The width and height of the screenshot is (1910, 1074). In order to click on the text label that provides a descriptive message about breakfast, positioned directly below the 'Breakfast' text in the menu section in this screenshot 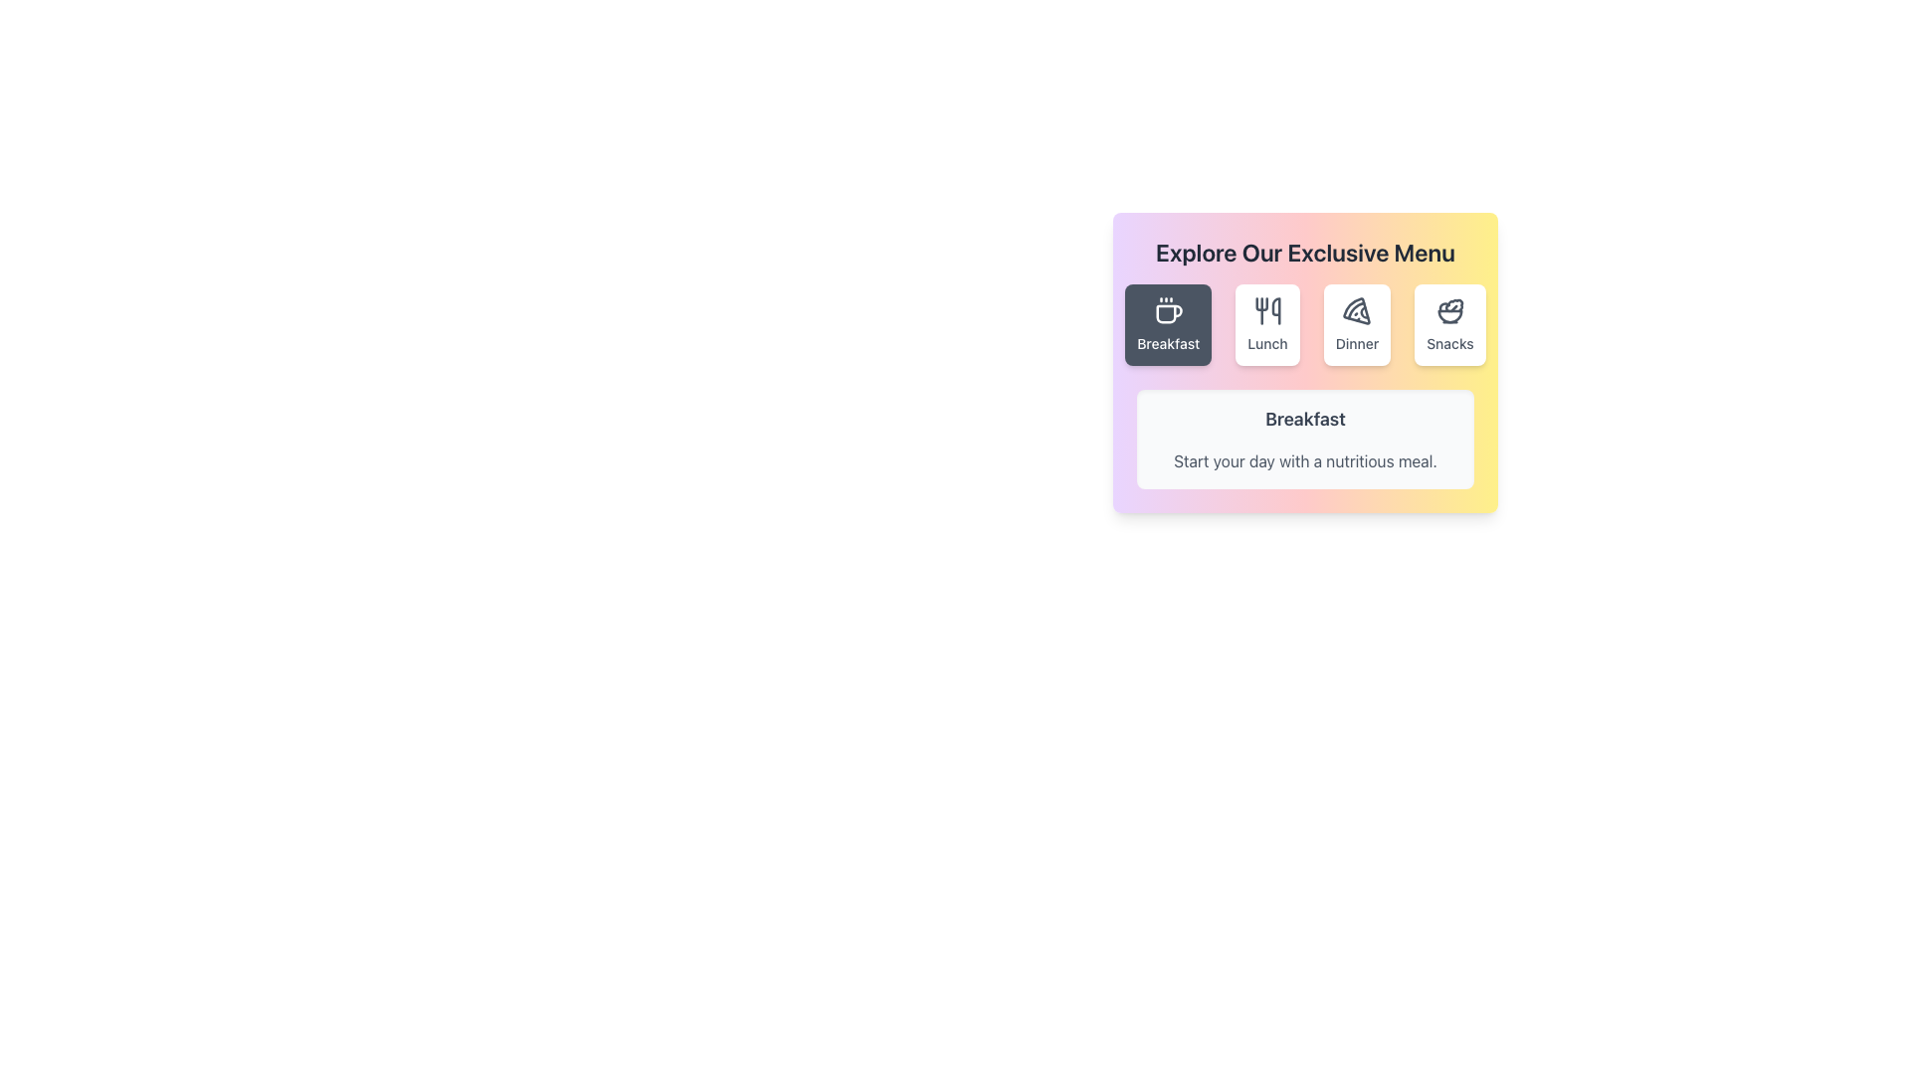, I will do `click(1305, 460)`.